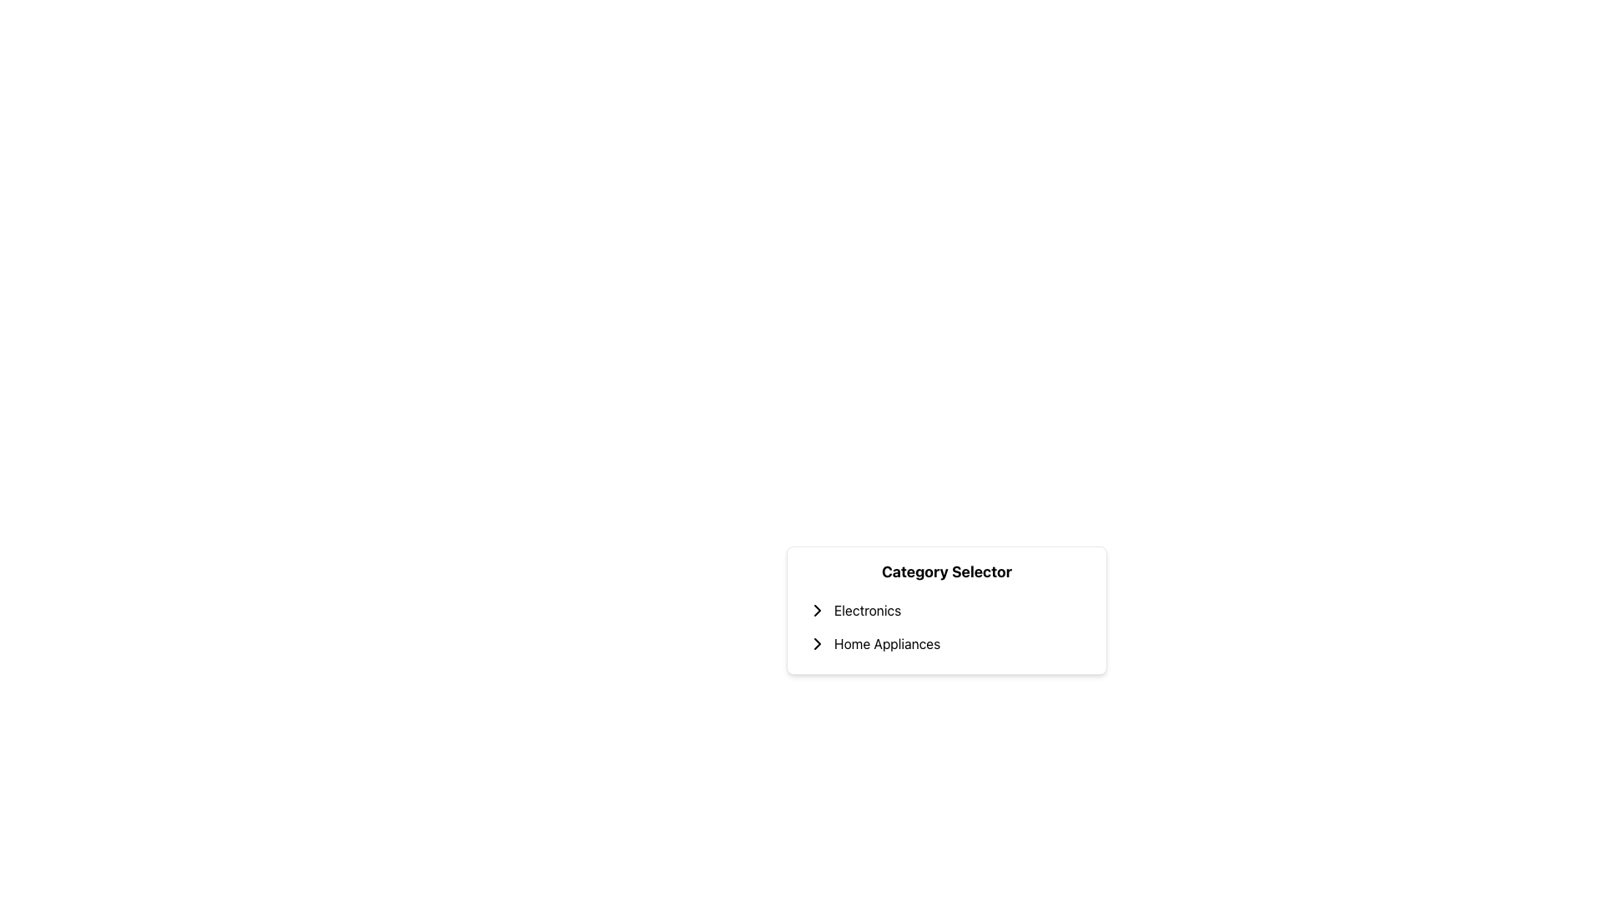  I want to click on the 'Home Appliances' list item with a navigational chevron, so click(946, 642).